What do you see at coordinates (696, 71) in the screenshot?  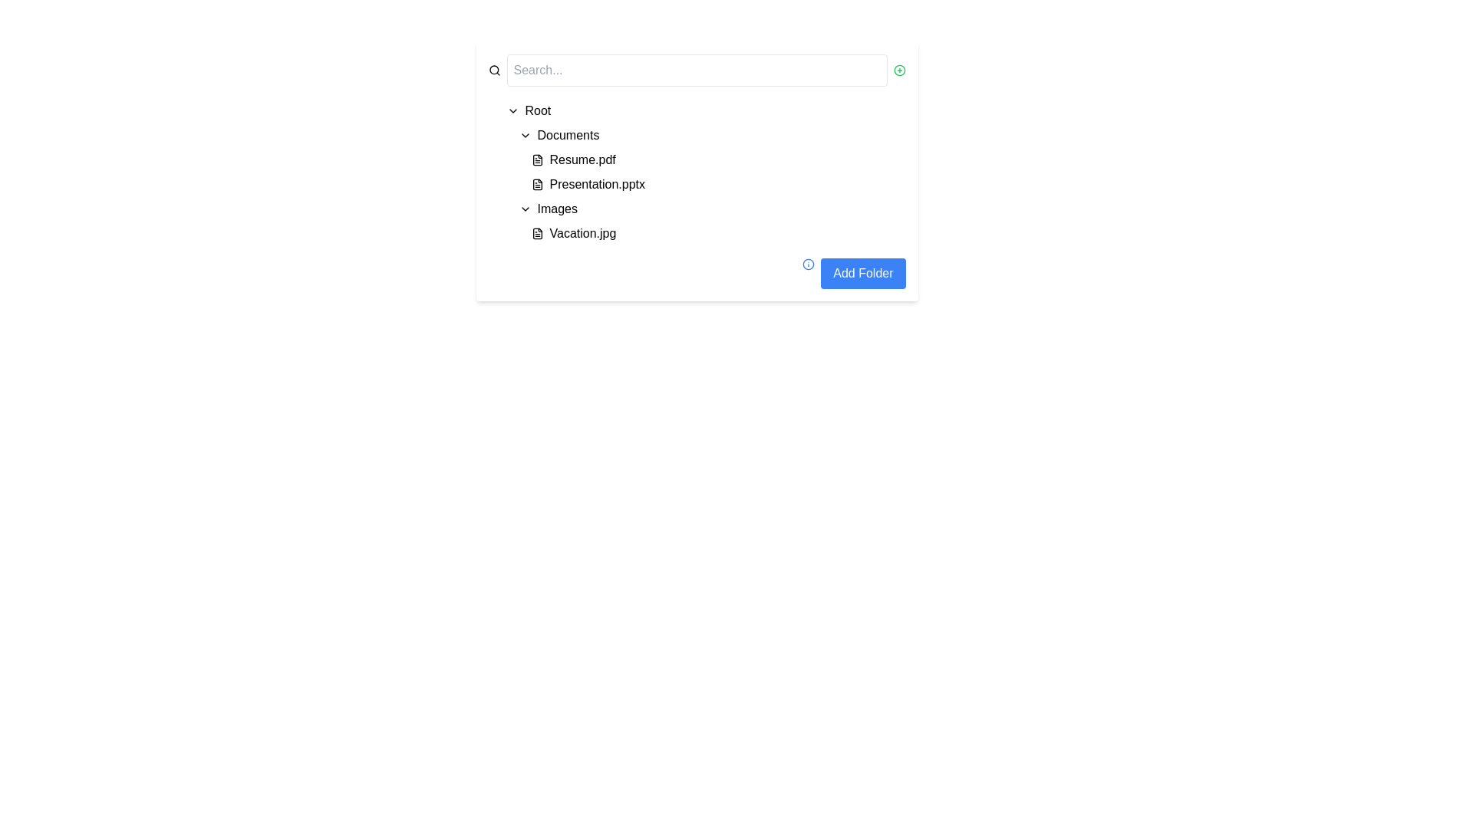 I see `the Text Input Field with placeholder text 'Search...'` at bounding box center [696, 71].